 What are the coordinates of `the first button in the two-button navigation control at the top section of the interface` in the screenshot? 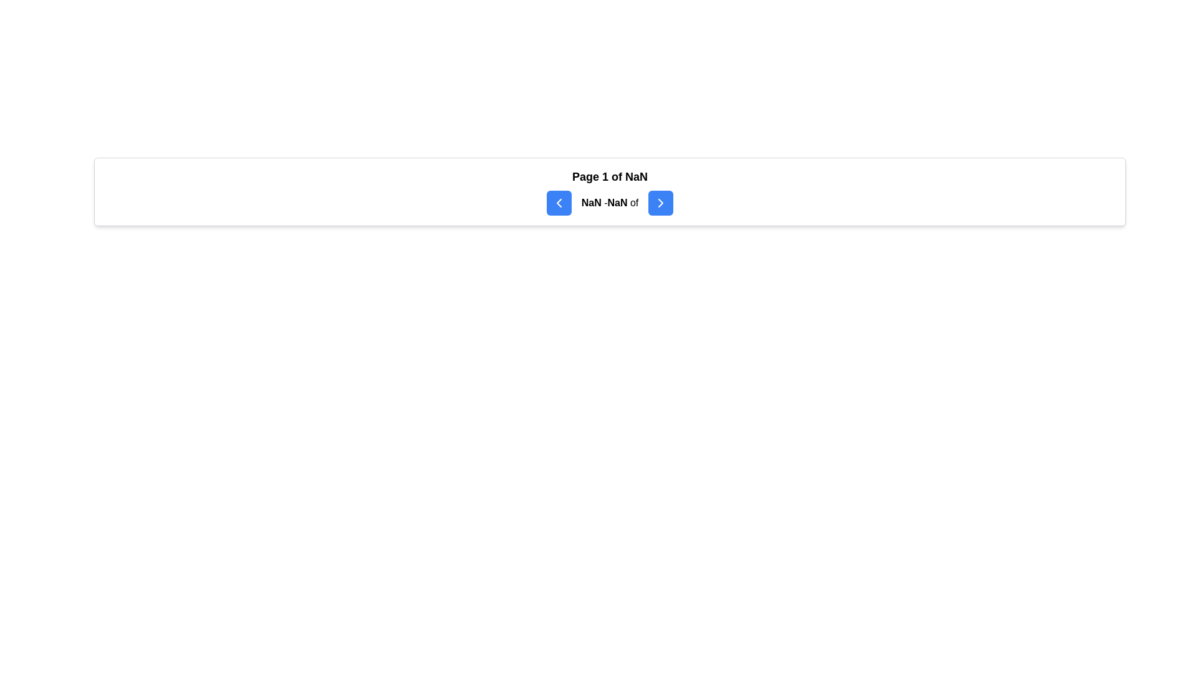 It's located at (558, 203).